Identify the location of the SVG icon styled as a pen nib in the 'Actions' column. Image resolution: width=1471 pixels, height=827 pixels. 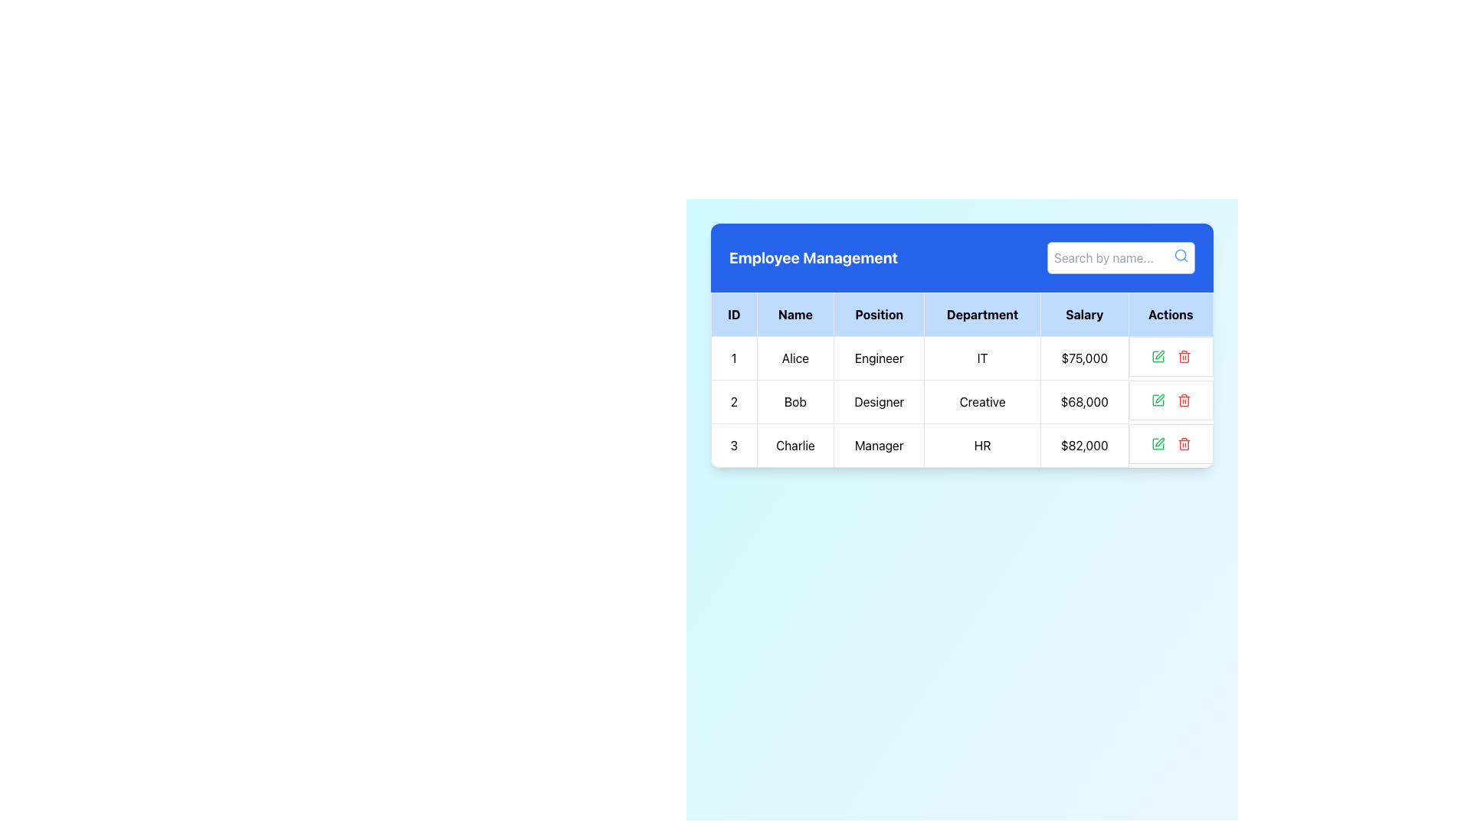
(1159, 442).